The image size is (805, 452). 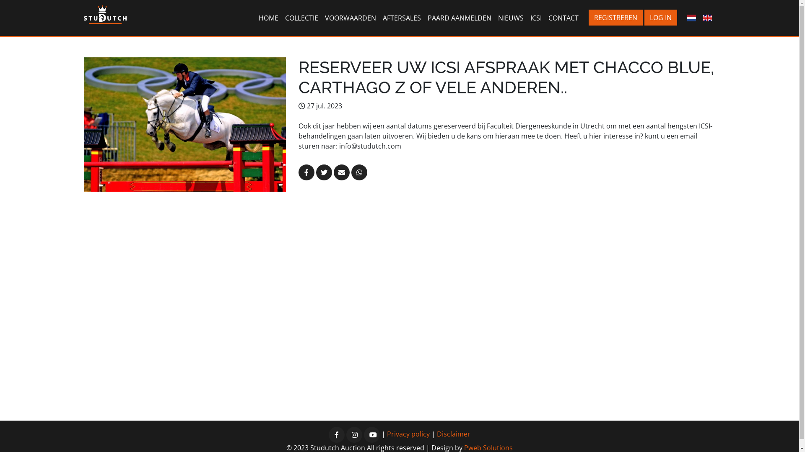 I want to click on 'PAARD AANMELDEN', so click(x=459, y=18).